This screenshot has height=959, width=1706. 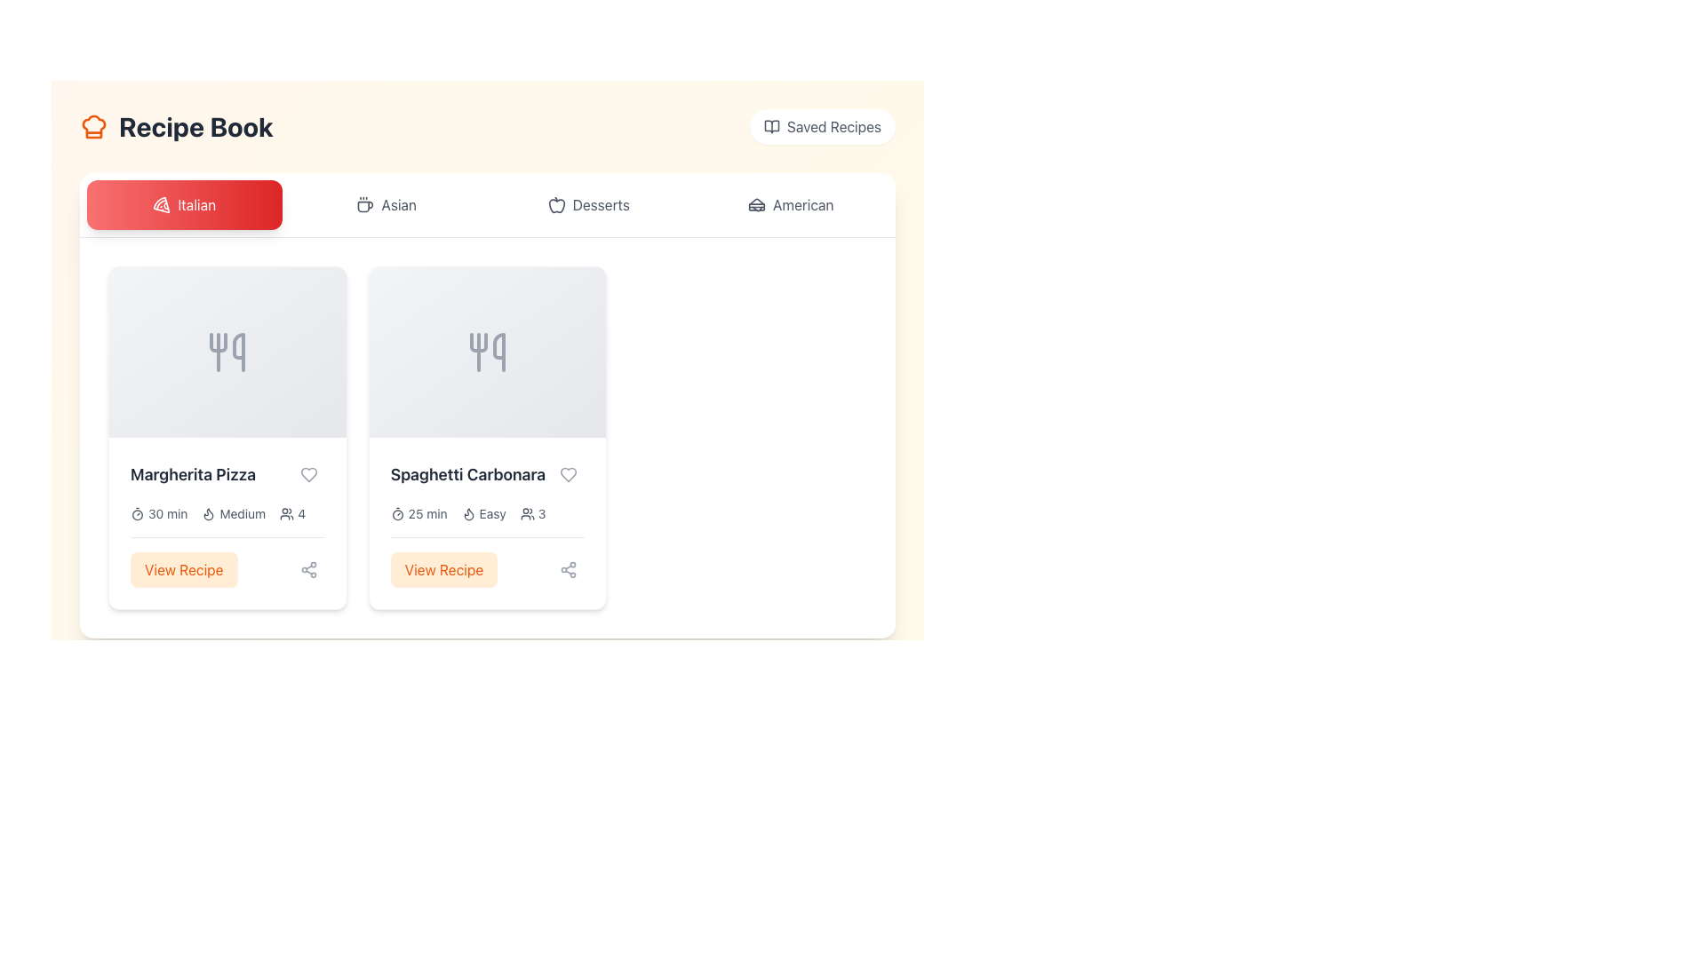 What do you see at coordinates (468, 514) in the screenshot?
I see `the flame icon, which is a vector graphic representation associated with heat or popularity, located in the 'Italian' category section of the interface` at bounding box center [468, 514].